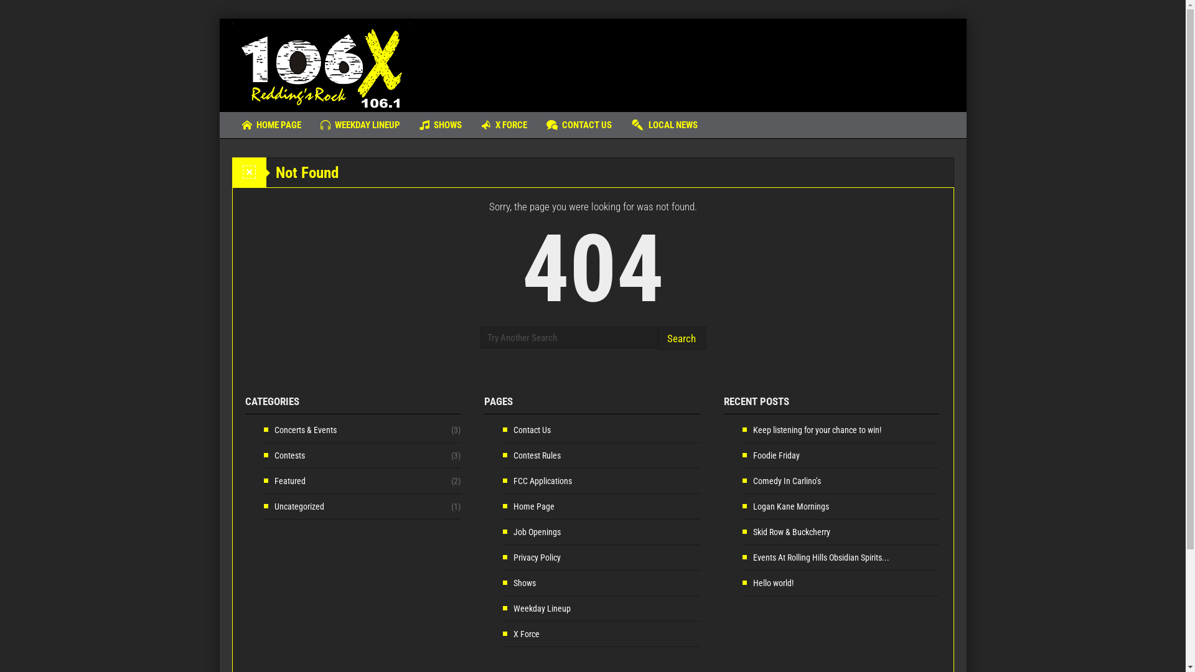  I want to click on 'X Force', so click(521, 633).